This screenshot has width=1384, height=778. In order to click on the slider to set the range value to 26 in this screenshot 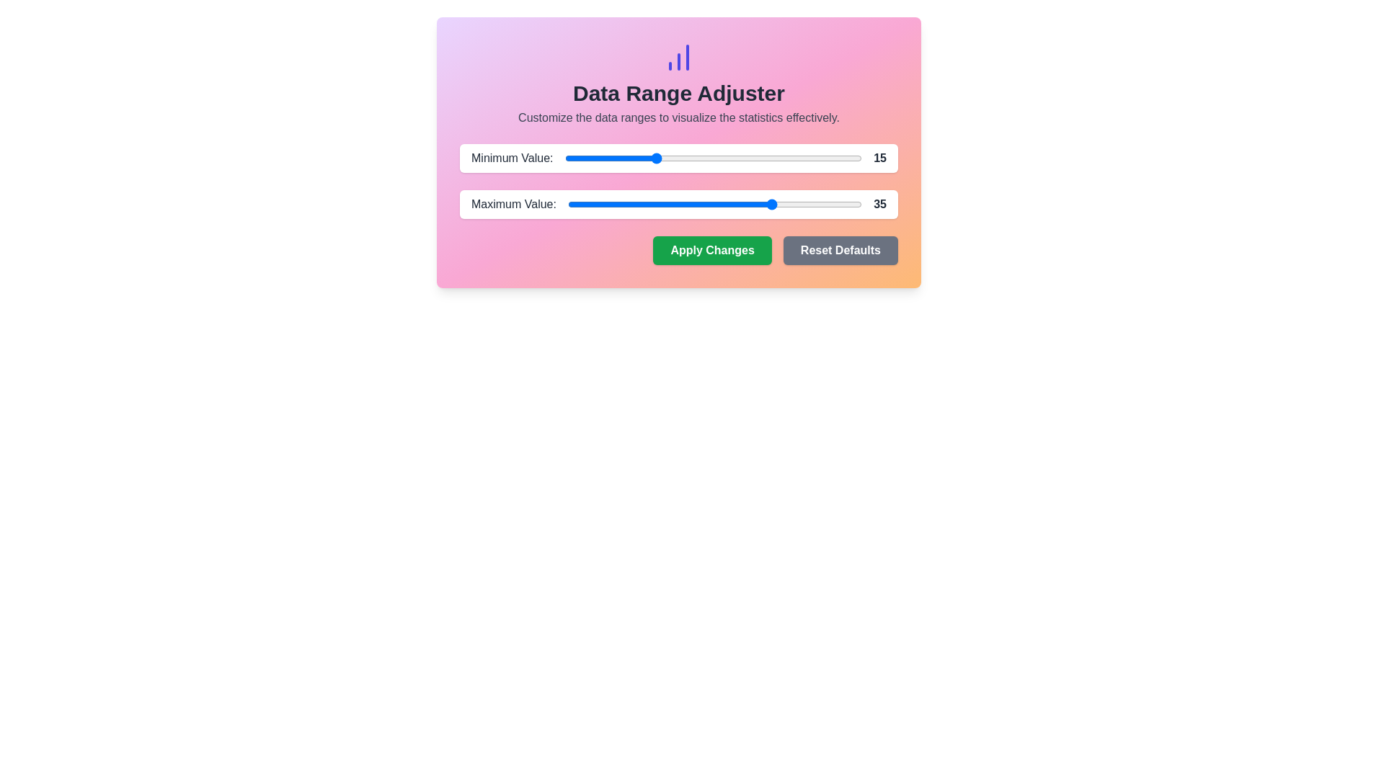, I will do `click(719, 158)`.